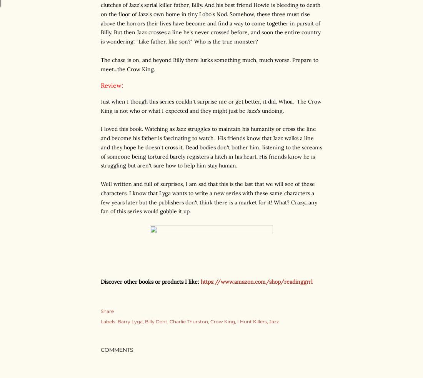 The image size is (423, 378). I want to click on 'I Hunt Killers', so click(252, 321).